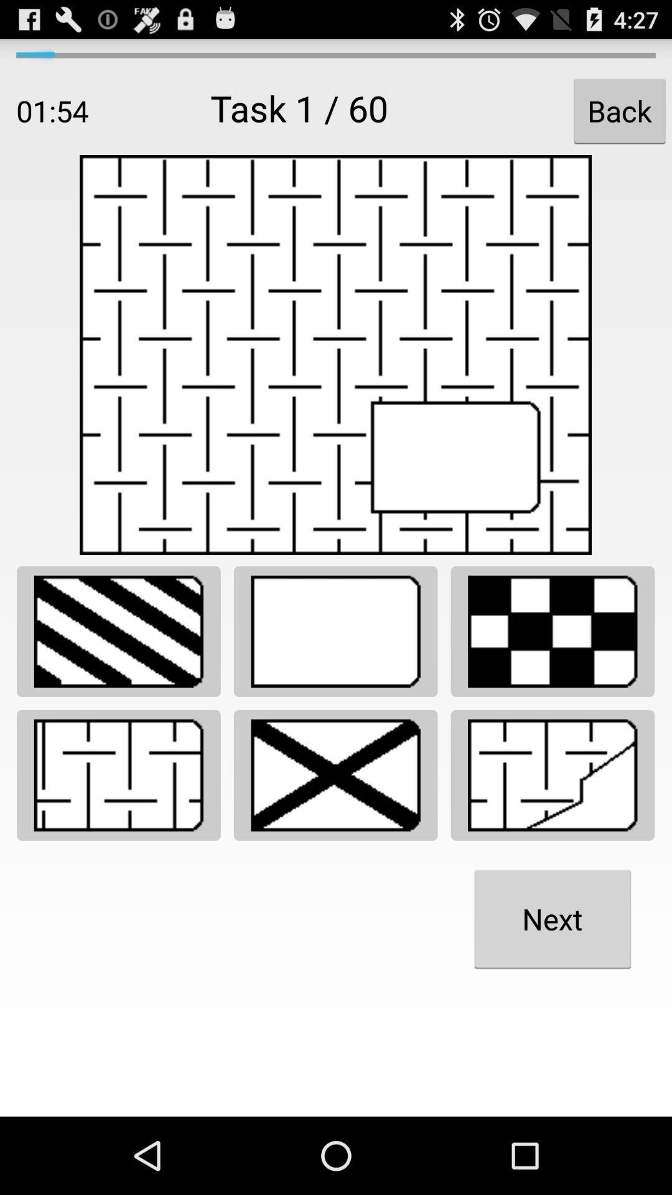 Image resolution: width=672 pixels, height=1195 pixels. Describe the element at coordinates (118, 631) in the screenshot. I see `layout change` at that location.